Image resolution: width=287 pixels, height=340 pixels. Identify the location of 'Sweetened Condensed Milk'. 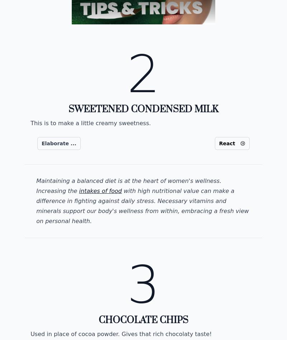
(143, 109).